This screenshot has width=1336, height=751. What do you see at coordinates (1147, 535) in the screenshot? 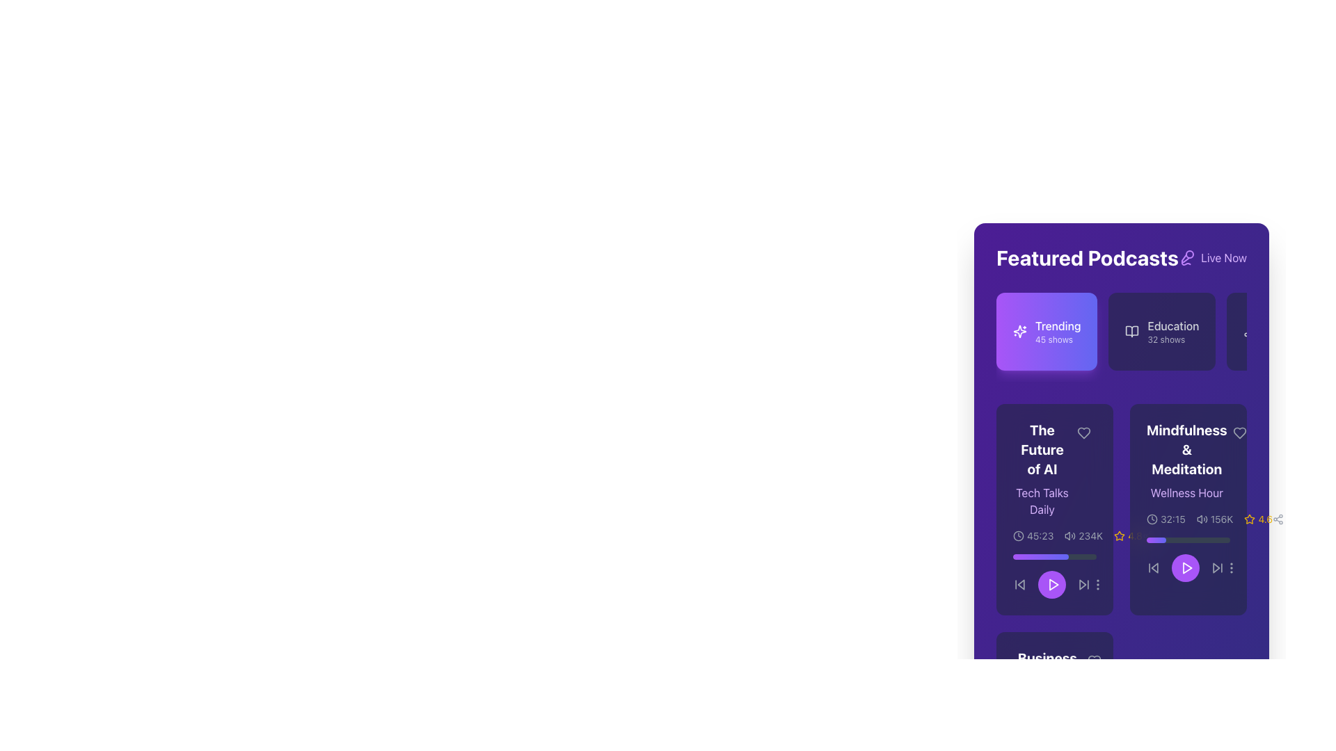
I see `the share button represented by a circular icon with three connected circles located in the top-right corner of the 'Mindfulness & Meditation' podcast card` at bounding box center [1147, 535].